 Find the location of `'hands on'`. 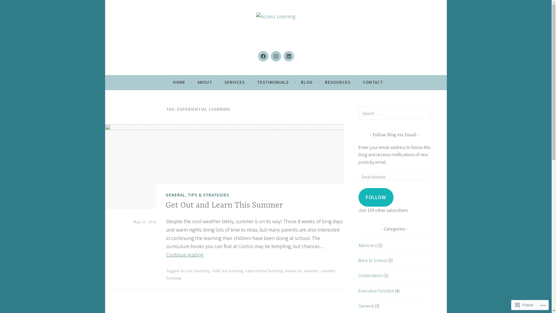

'hands on' is located at coordinates (285, 271).